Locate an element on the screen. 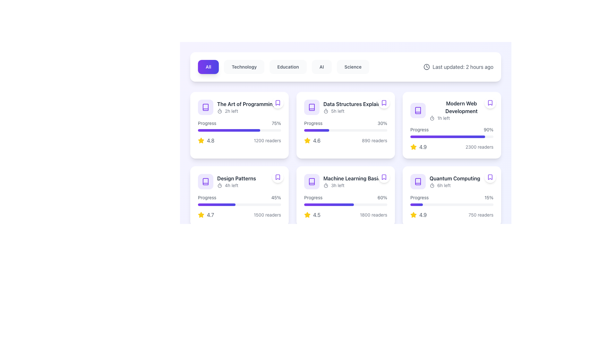  the violet bookmark icon located in the top-right corner of the card labeled 'Modern Web Development' is located at coordinates (490, 102).